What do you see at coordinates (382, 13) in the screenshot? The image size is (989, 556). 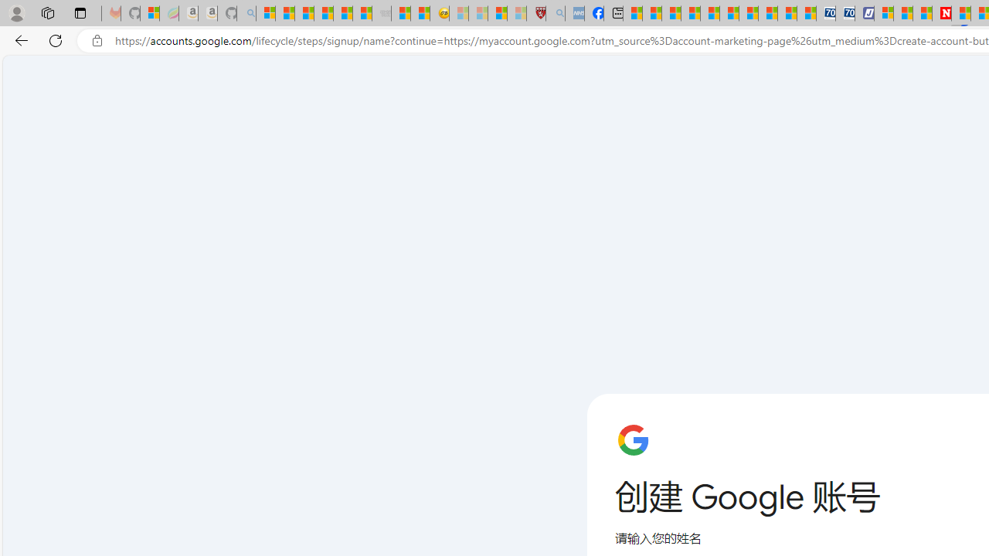 I see `'Combat Siege - Sleeping'` at bounding box center [382, 13].